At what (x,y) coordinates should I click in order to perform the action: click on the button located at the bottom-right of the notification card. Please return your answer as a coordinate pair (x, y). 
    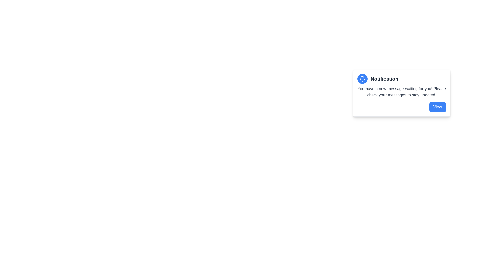
    Looking at the image, I should click on (437, 107).